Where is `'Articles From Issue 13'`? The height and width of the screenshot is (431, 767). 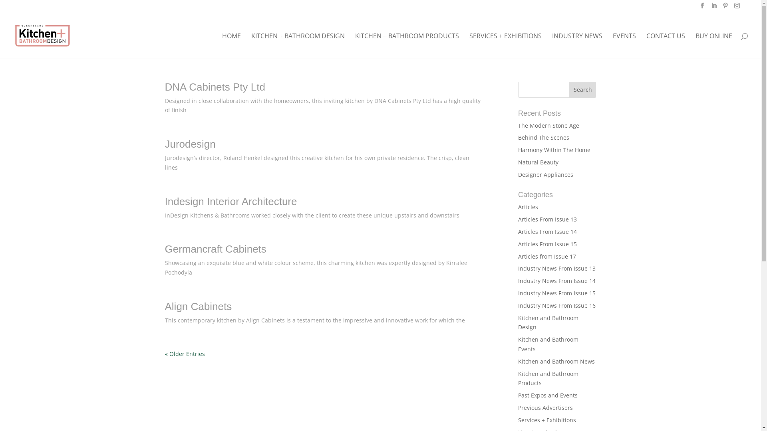
'Articles From Issue 13' is located at coordinates (547, 219).